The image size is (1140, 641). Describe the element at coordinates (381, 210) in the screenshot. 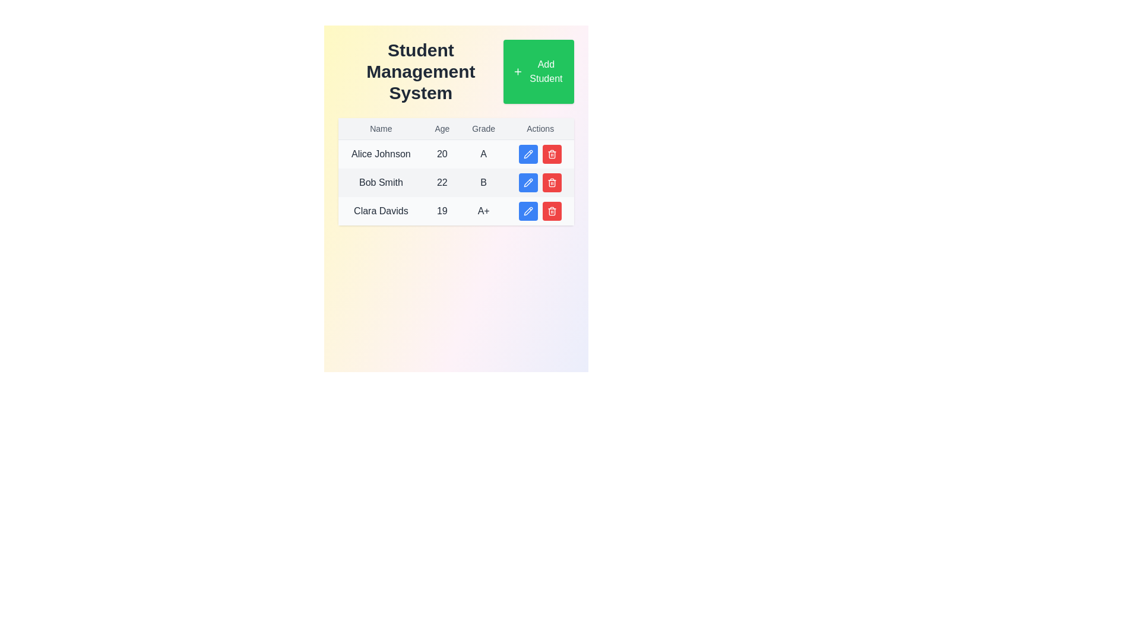

I see `the static text label displaying 'Clara Davids', which is the first cell in the third row of the tabular layout, aligned under the header 'Name'` at that location.